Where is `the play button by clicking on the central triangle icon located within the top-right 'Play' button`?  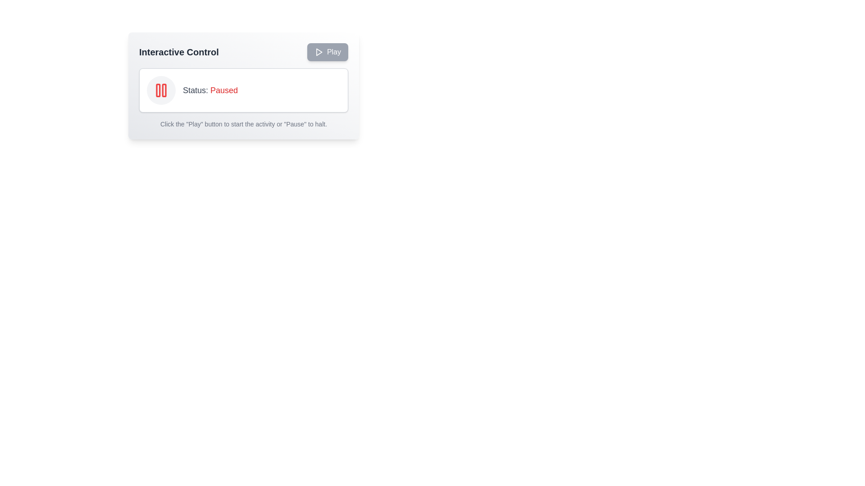 the play button by clicking on the central triangle icon located within the top-right 'Play' button is located at coordinates (319, 52).